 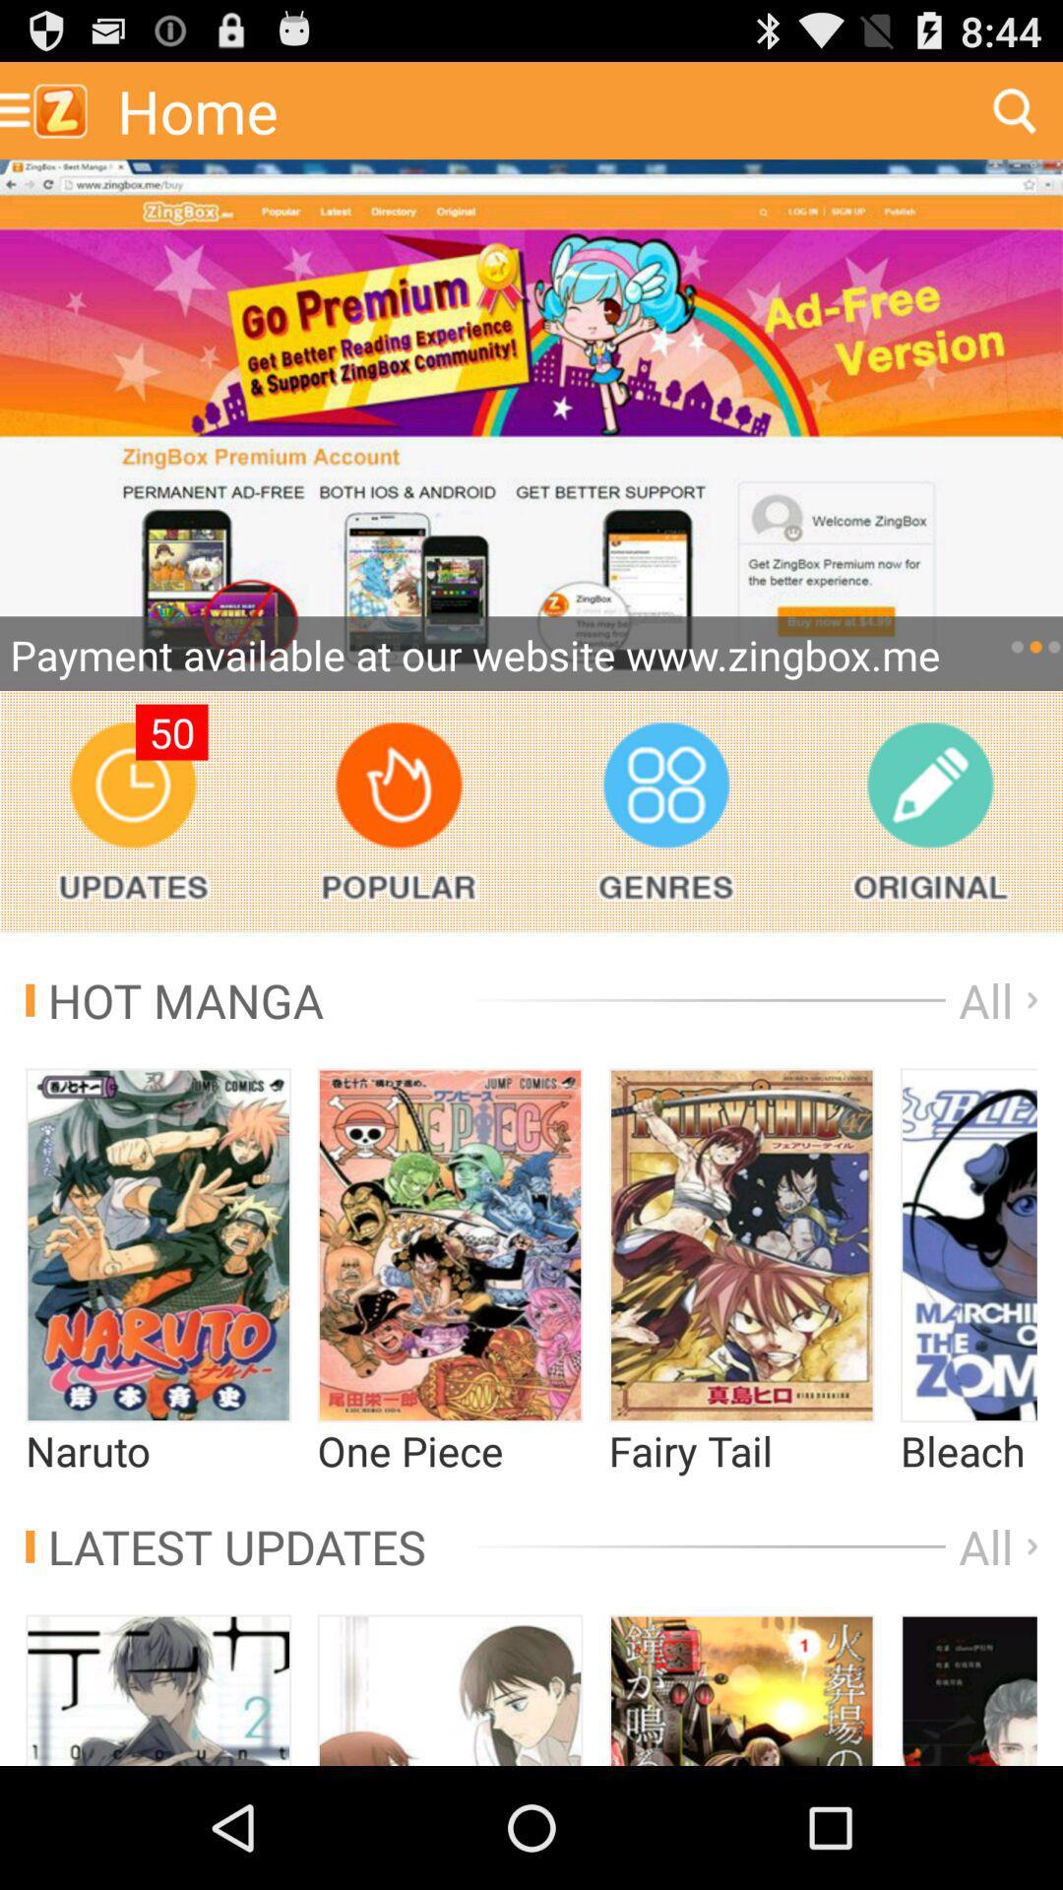 What do you see at coordinates (133, 811) in the screenshot?
I see `read updates` at bounding box center [133, 811].